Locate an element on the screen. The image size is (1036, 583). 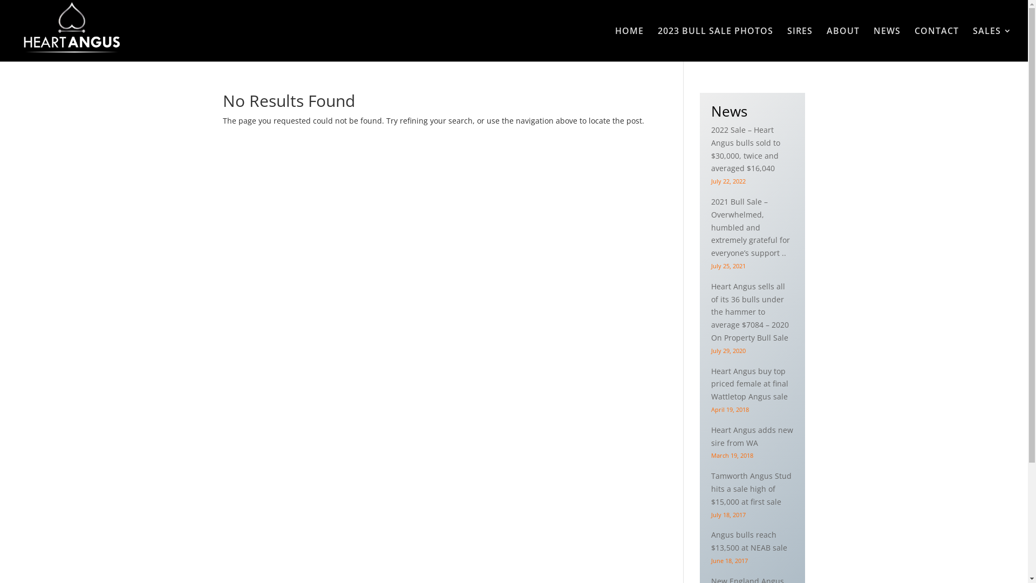
'CONTACT' is located at coordinates (936, 43).